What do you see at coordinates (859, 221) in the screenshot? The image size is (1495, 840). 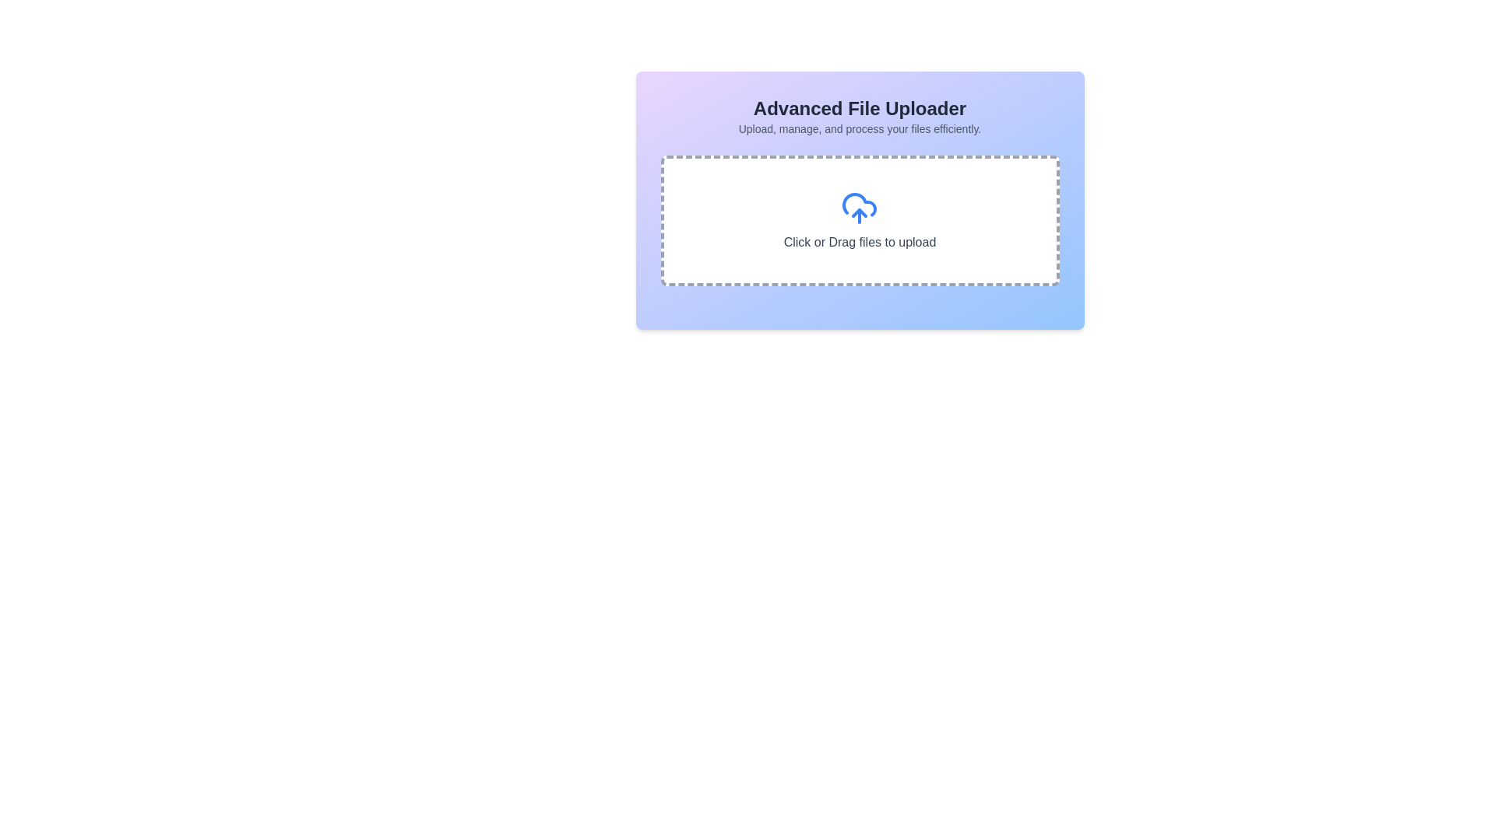 I see `the File upload zone which is a large rectangular box with dashed gray borders and a centered blue cloud upload icon` at bounding box center [859, 221].